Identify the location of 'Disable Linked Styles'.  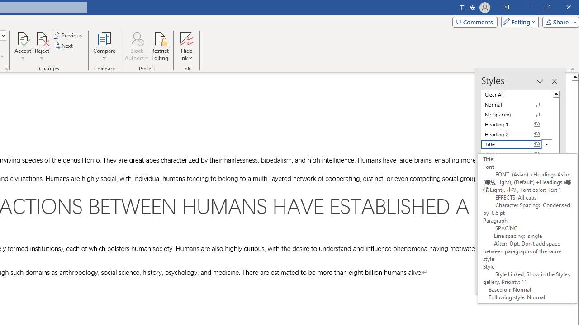
(511, 270).